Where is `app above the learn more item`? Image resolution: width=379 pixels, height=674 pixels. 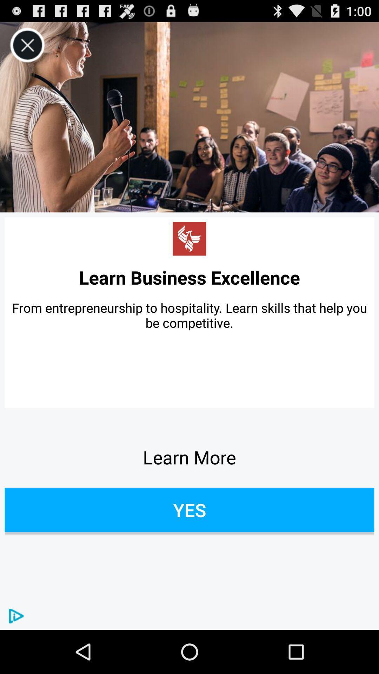
app above the learn more item is located at coordinates (189, 315).